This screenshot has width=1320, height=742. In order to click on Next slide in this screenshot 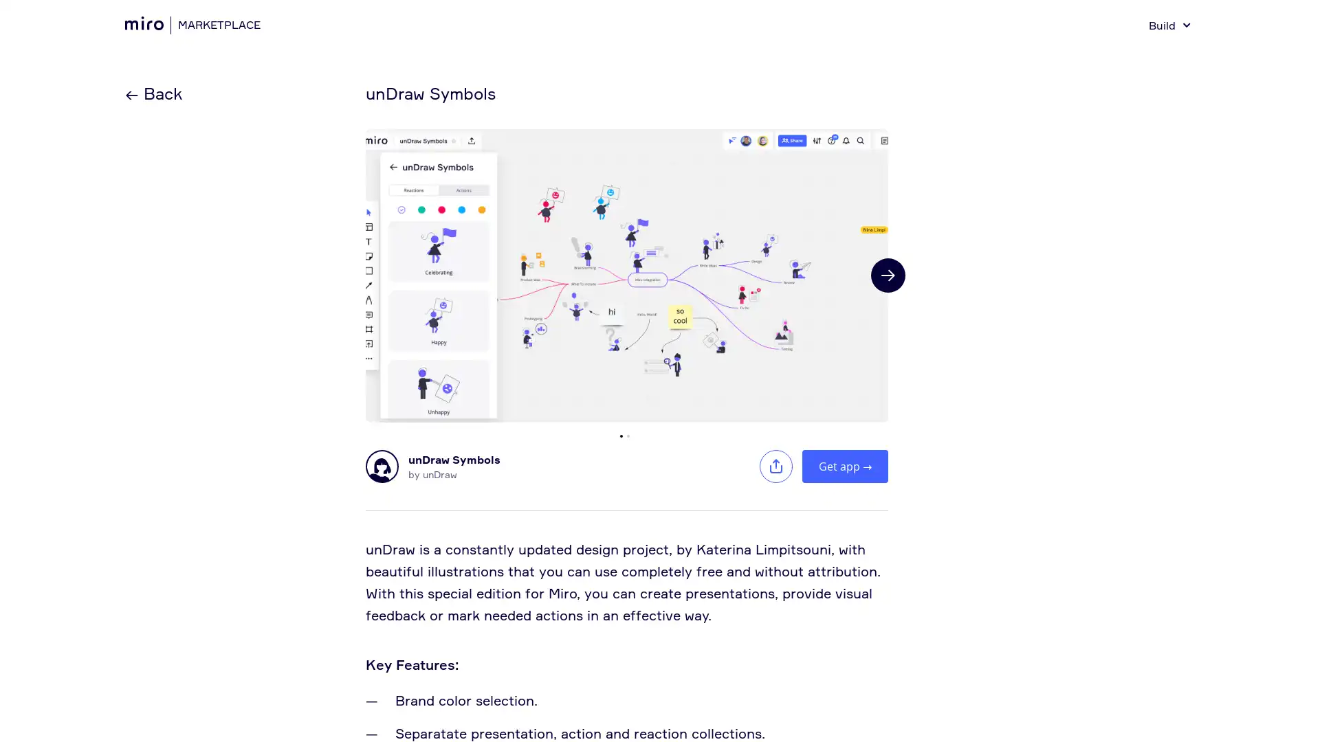, I will do `click(888, 276)`.